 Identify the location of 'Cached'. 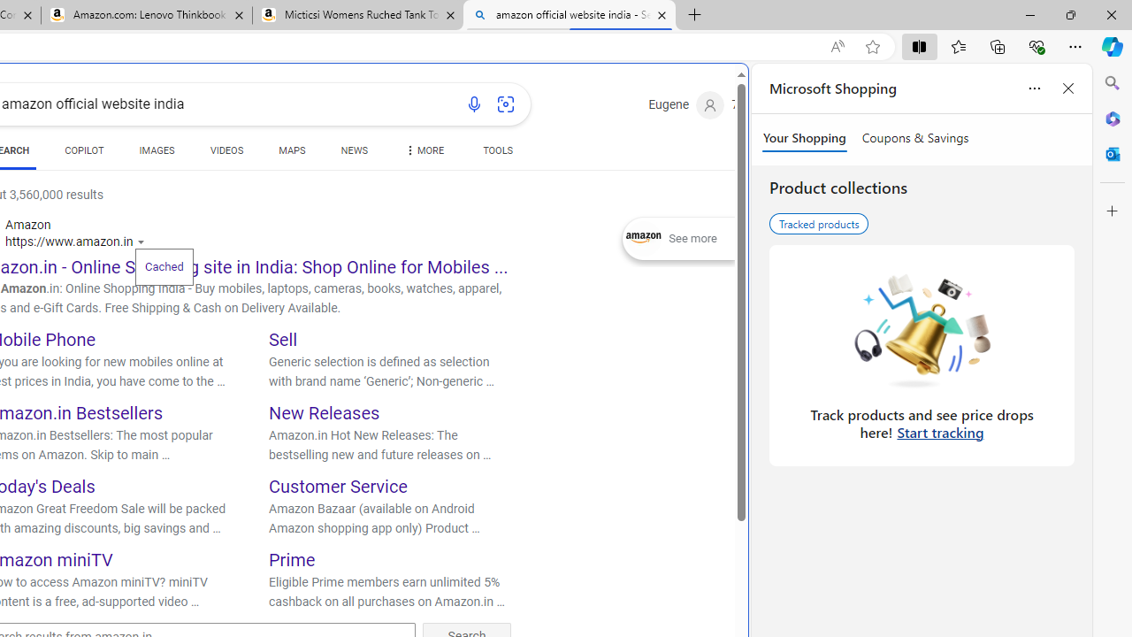
(164, 266).